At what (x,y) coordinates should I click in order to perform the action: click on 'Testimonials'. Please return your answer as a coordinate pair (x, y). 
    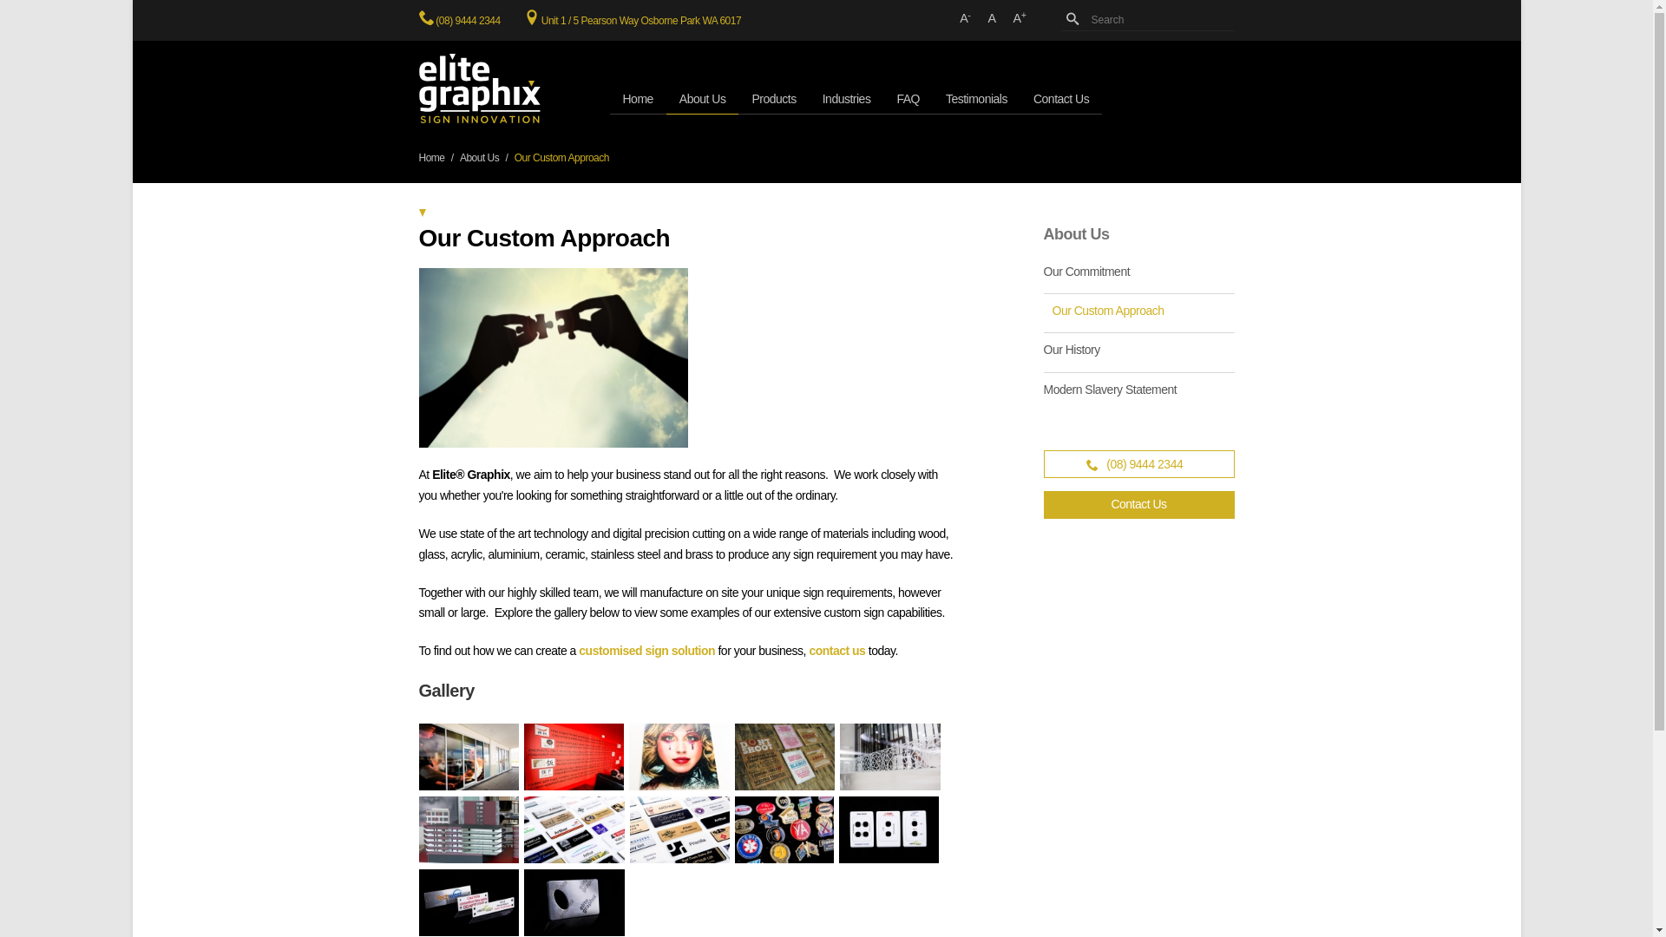
    Looking at the image, I should click on (976, 99).